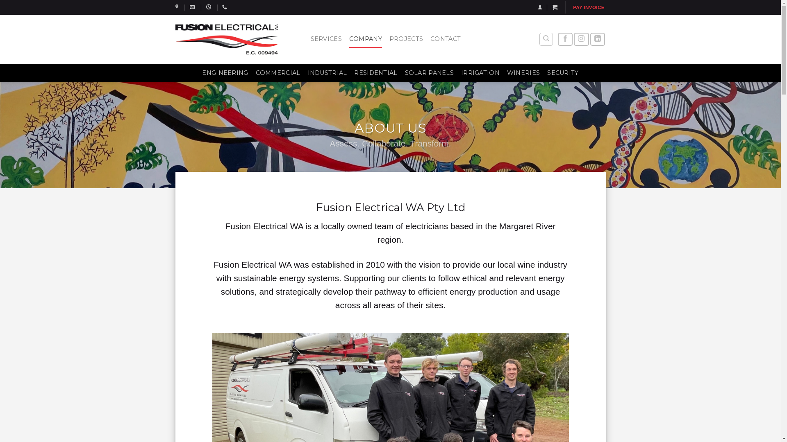  What do you see at coordinates (225, 72) in the screenshot?
I see `'ENGINEERING'` at bounding box center [225, 72].